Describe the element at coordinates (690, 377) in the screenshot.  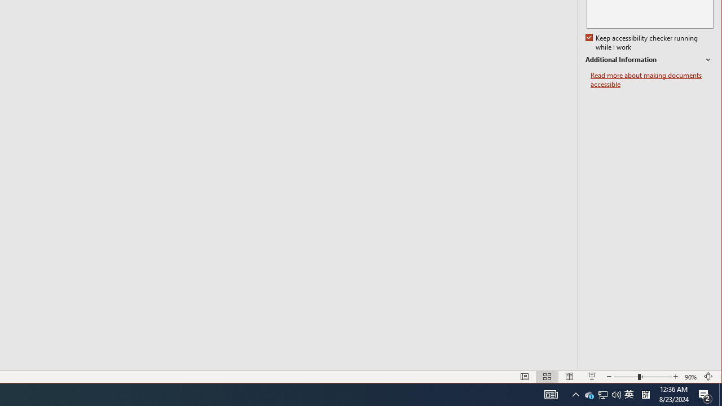
I see `'Zoom 90%'` at that location.